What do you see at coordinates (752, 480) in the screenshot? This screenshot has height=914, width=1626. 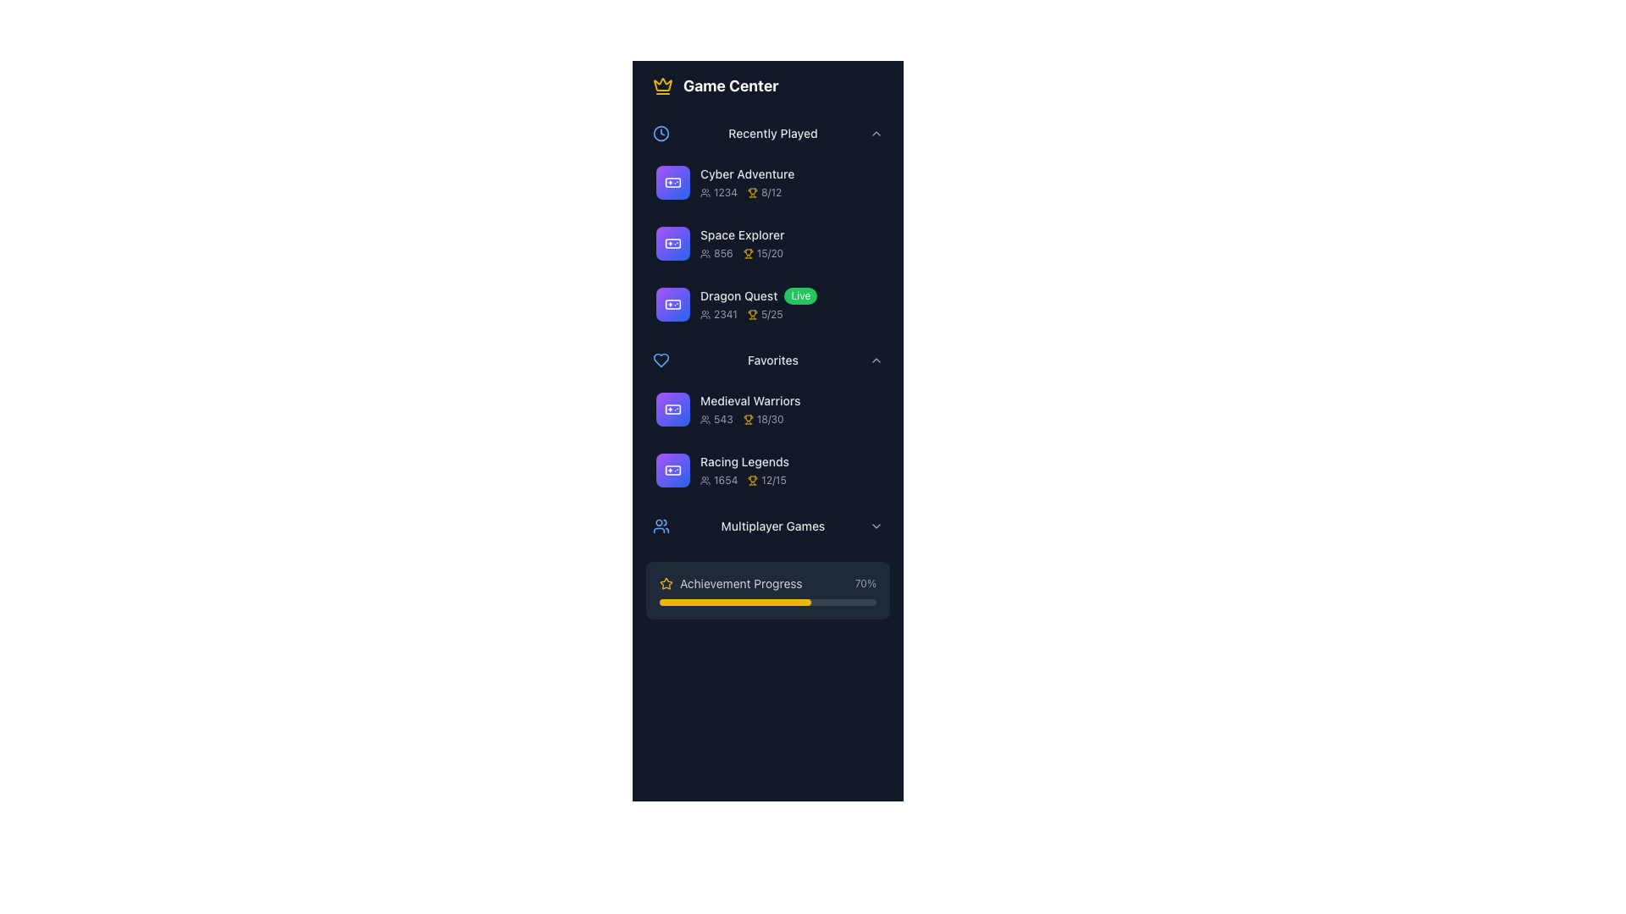 I see `the trophy icon representing an achievement-related metric located under the 'Favorites' category, styled in golden-yellow tones` at bounding box center [752, 480].